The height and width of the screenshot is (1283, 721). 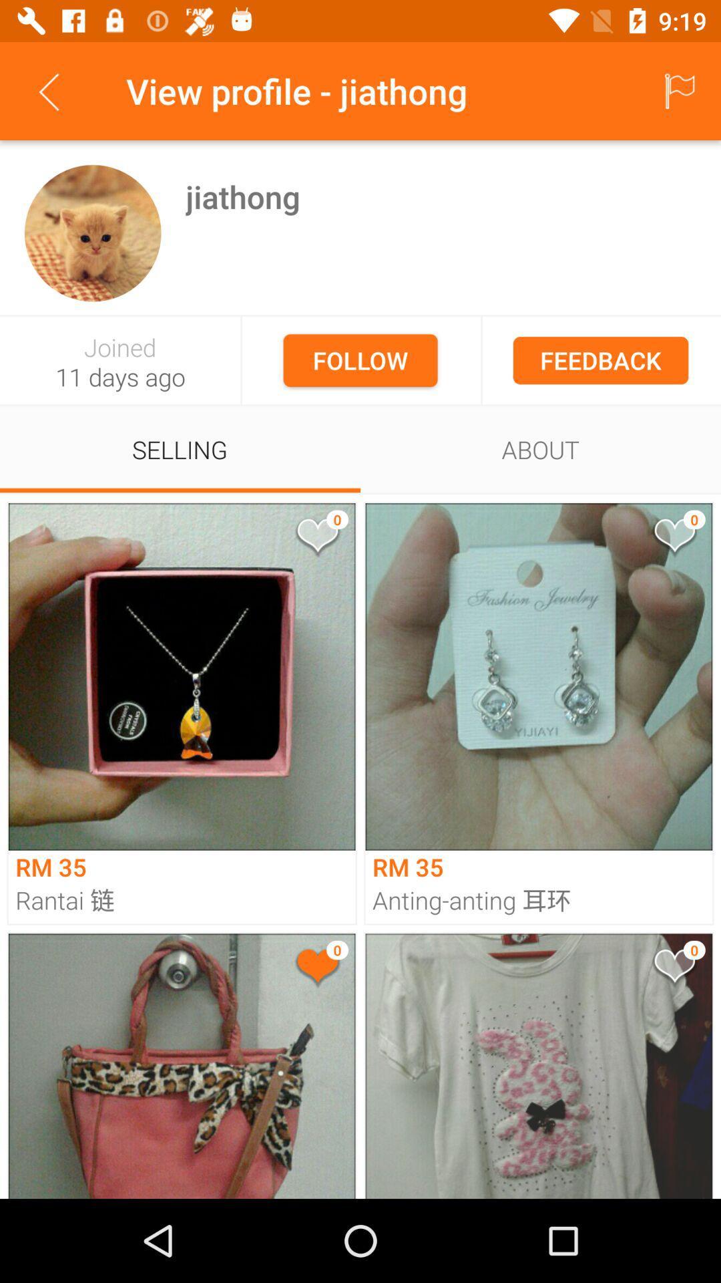 What do you see at coordinates (674, 538) in the screenshot?
I see `love it` at bounding box center [674, 538].